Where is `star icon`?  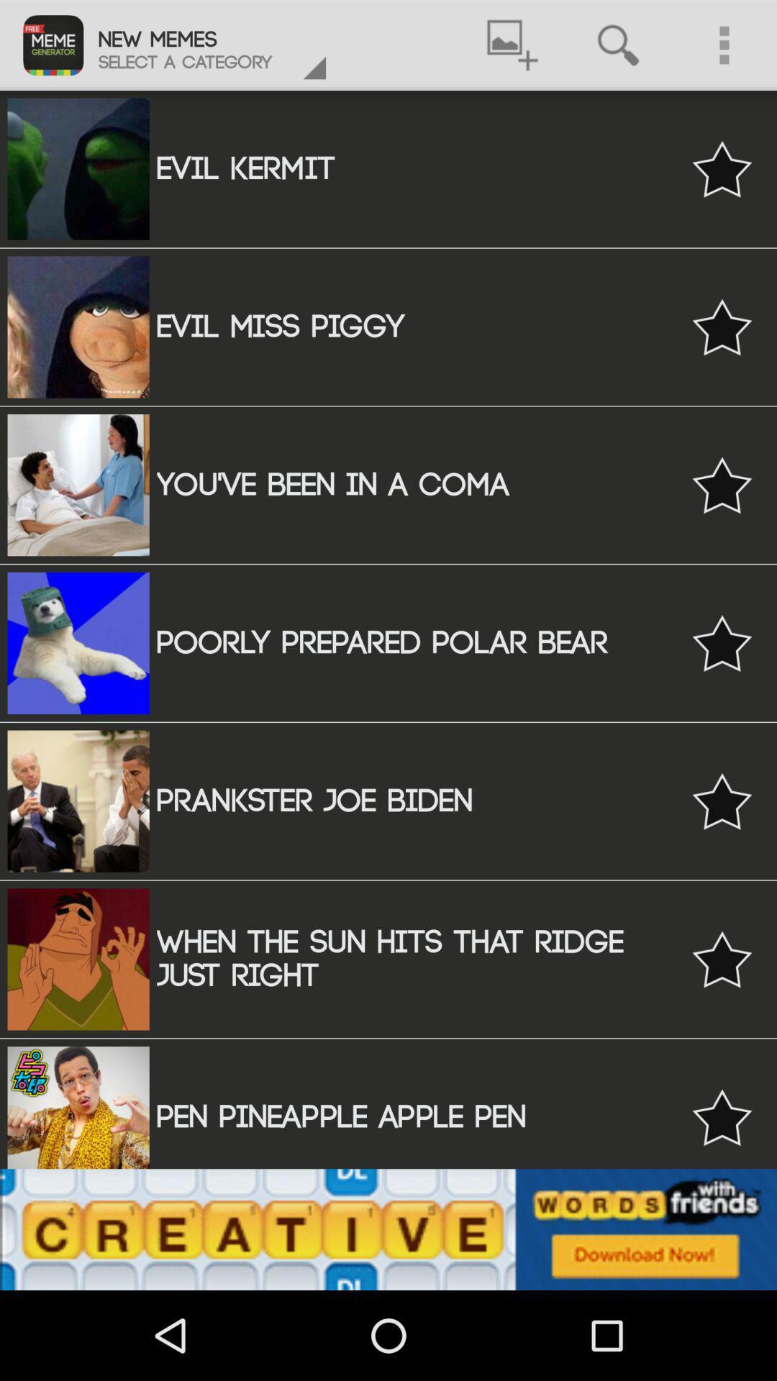 star icon is located at coordinates (722, 485).